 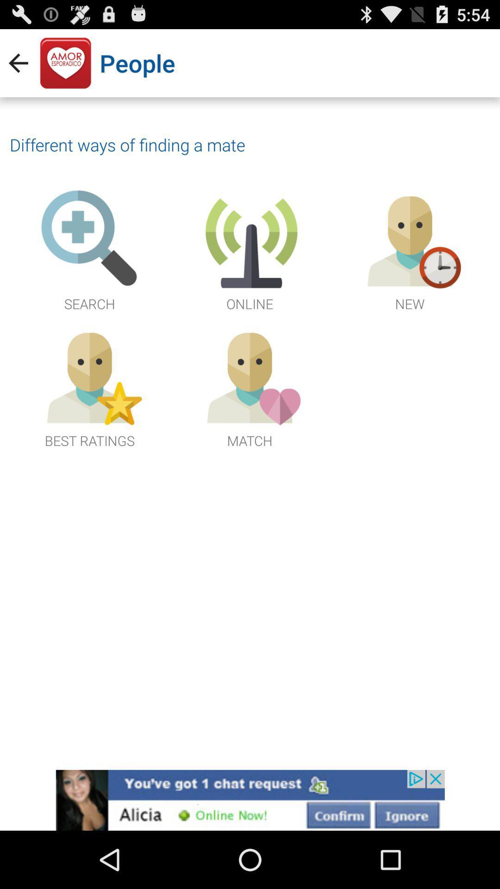 What do you see at coordinates (250, 387) in the screenshot?
I see `the second image in the second row` at bounding box center [250, 387].